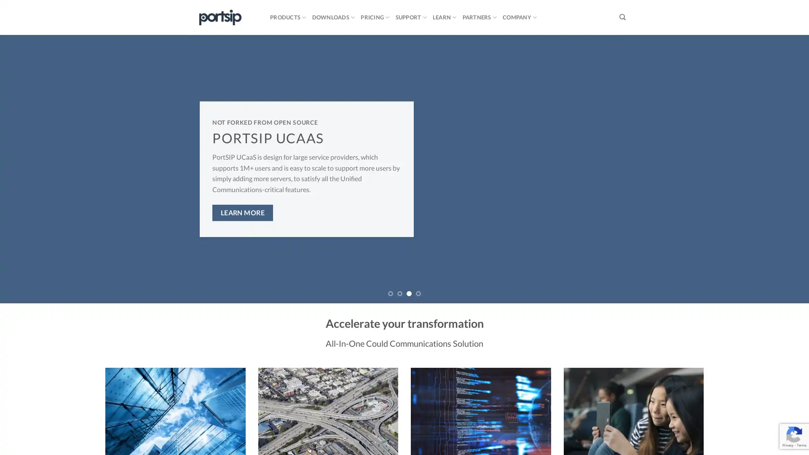  I want to click on Next, so click(782, 169).